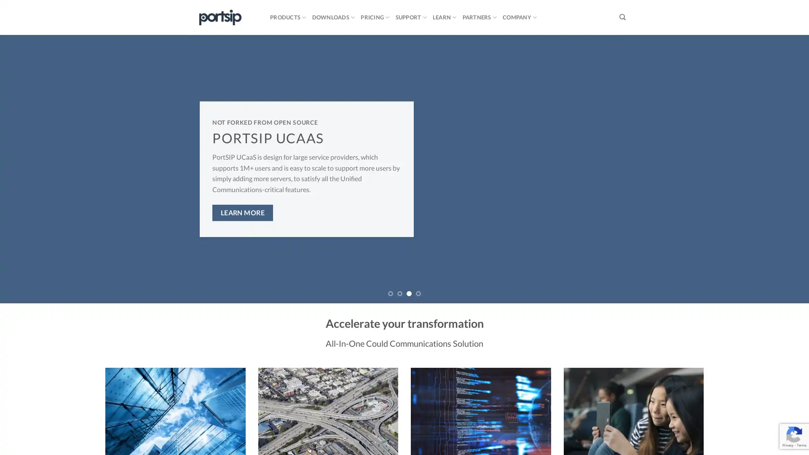  I want to click on Next, so click(782, 169).